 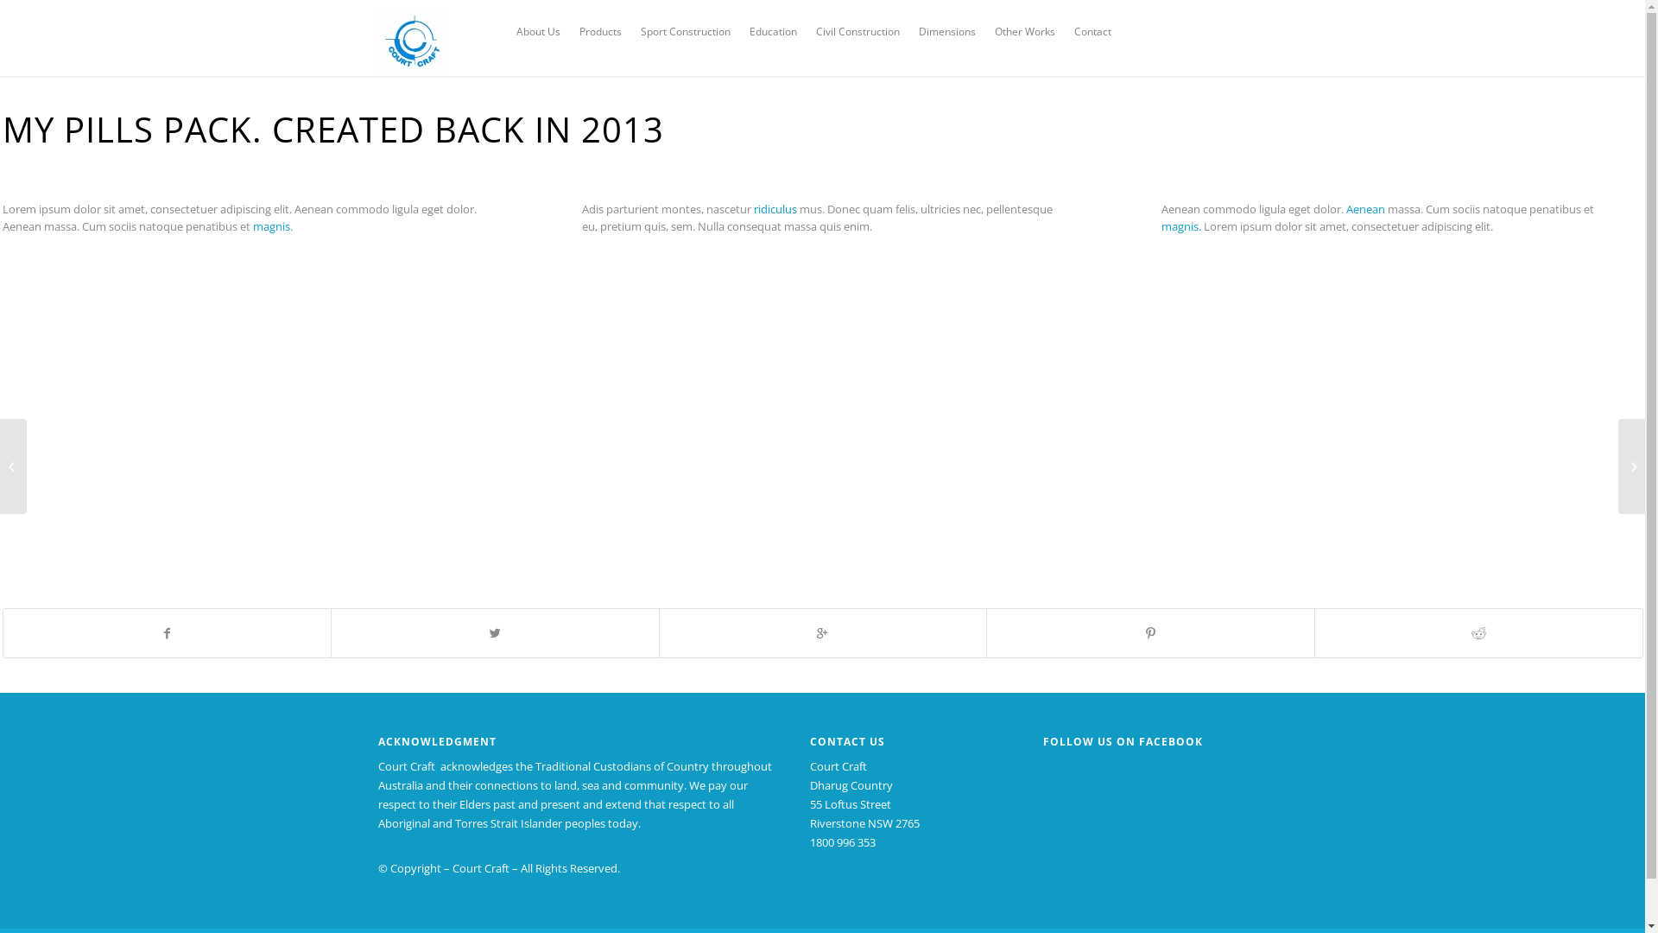 What do you see at coordinates (537, 32) in the screenshot?
I see `'About Us'` at bounding box center [537, 32].